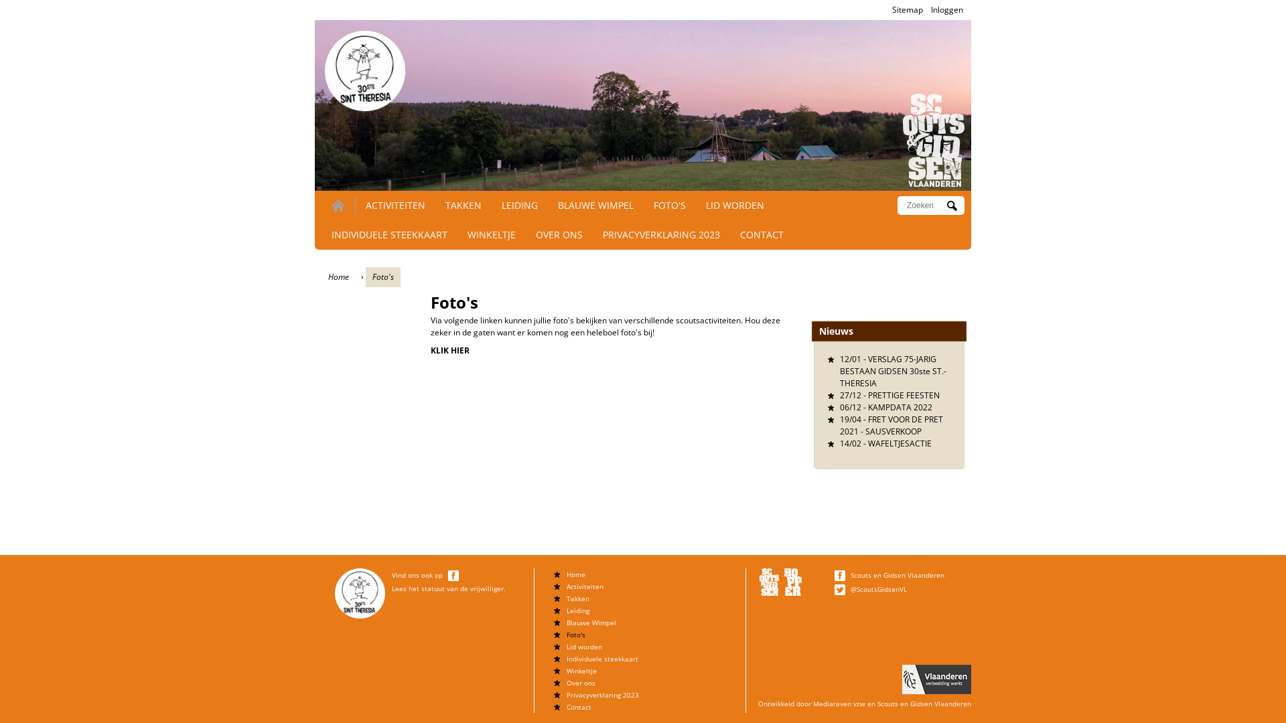  What do you see at coordinates (450, 349) in the screenshot?
I see `'KLIK HIER'` at bounding box center [450, 349].